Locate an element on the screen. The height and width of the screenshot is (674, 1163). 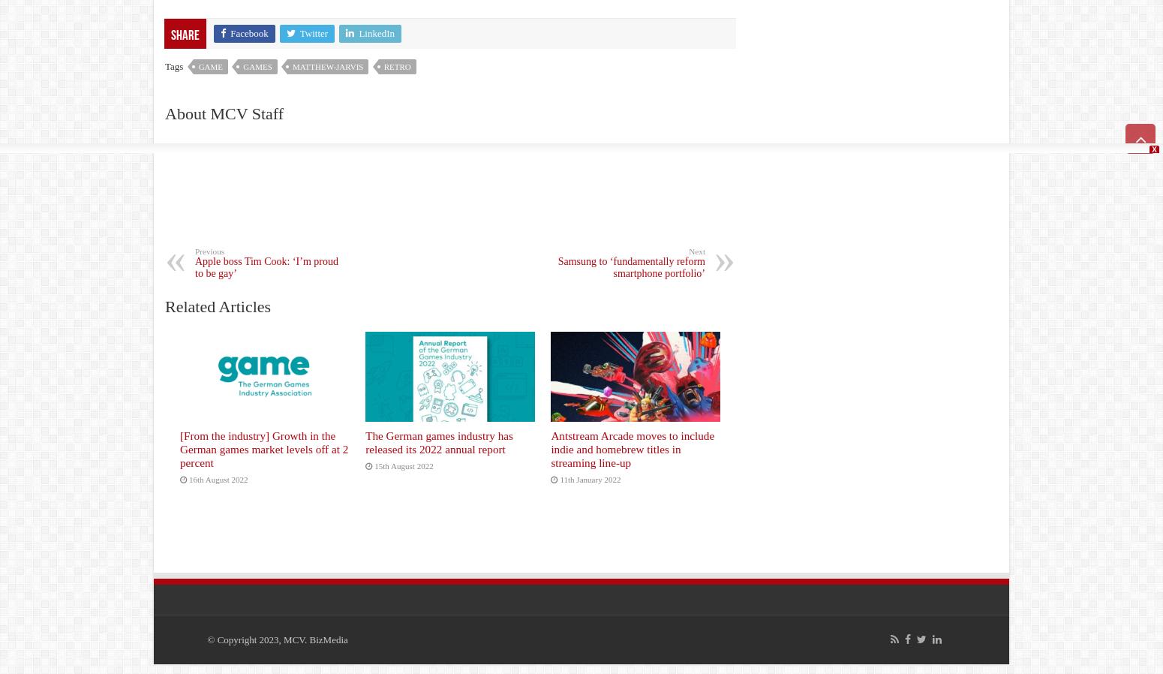
'16th August 2022' is located at coordinates (218, 479).